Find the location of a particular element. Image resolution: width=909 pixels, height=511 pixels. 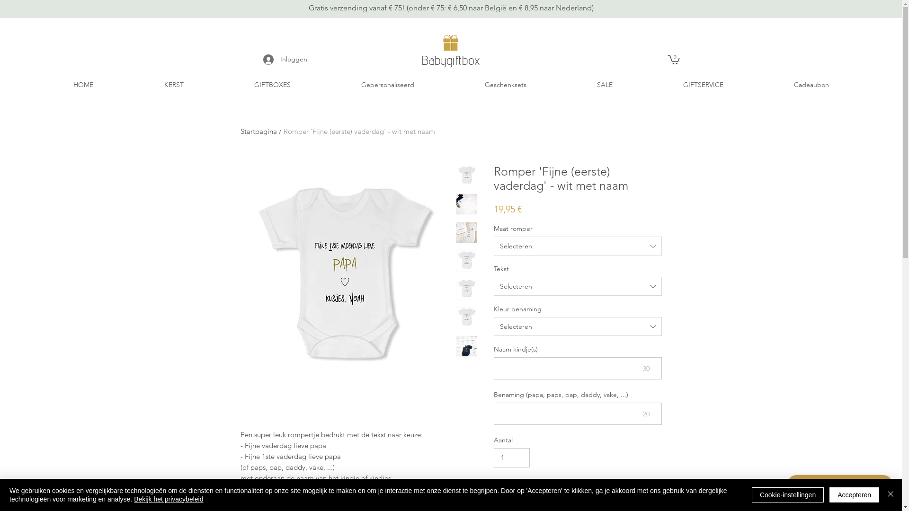

'Romper 'Fijne (eerste) vaderdag' - wit met naam' is located at coordinates (358, 131).